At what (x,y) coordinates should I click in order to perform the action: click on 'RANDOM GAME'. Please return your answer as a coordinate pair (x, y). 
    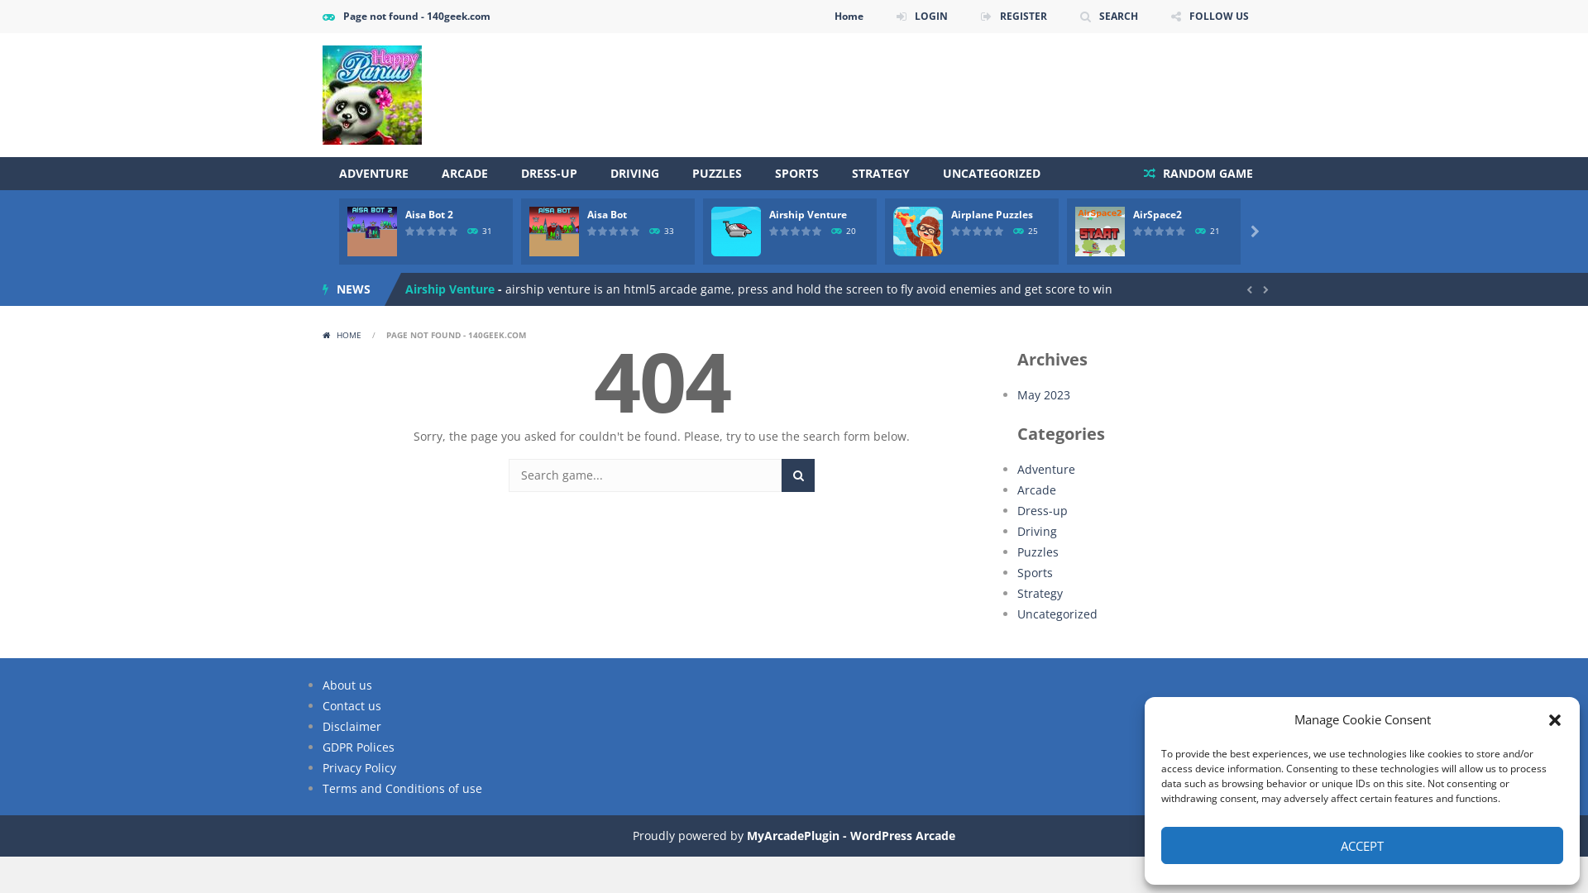
    Looking at the image, I should click on (1131, 173).